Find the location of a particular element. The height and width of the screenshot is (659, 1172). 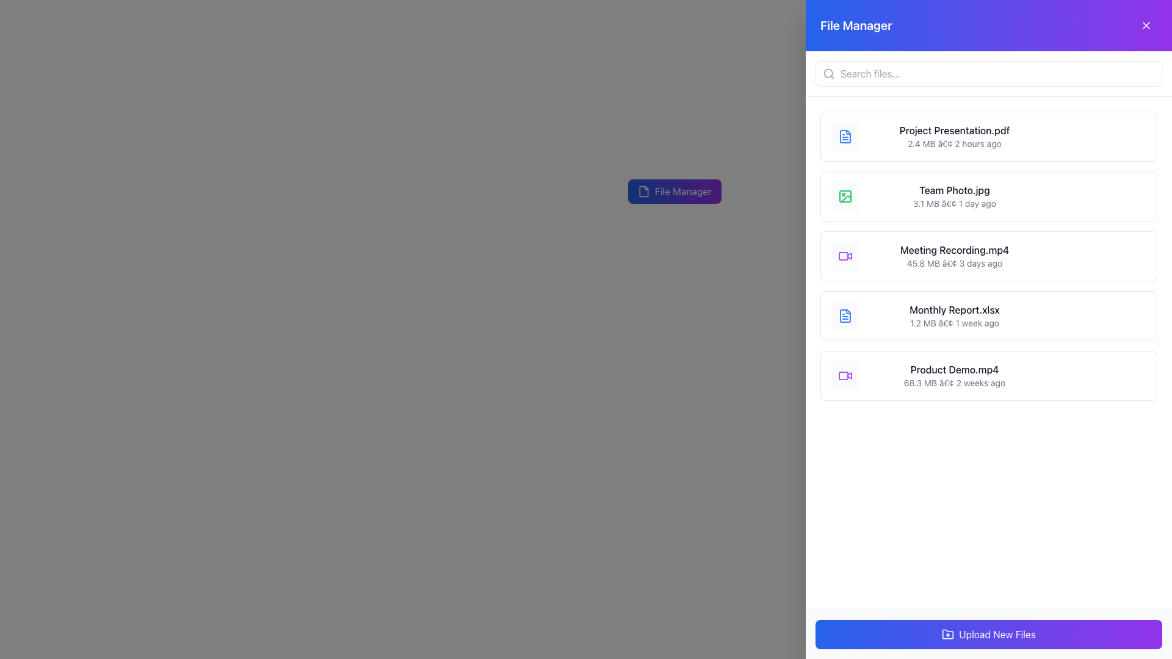

the graphical icon element (SVG rectangle) that serves as the base layer for a file type indicator in the 'File Manager' sidebar, located next to 'Team Photo.jpg' is located at coordinates (845, 195).